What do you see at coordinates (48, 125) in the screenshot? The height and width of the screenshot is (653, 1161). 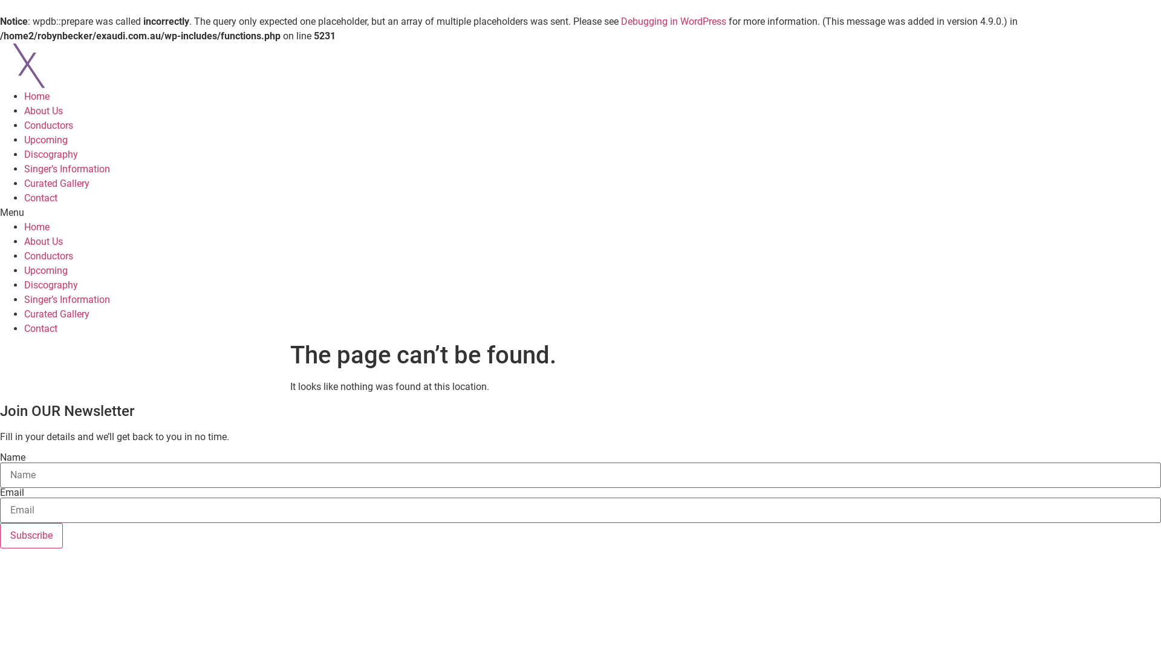 I see `'Conductors'` at bounding box center [48, 125].